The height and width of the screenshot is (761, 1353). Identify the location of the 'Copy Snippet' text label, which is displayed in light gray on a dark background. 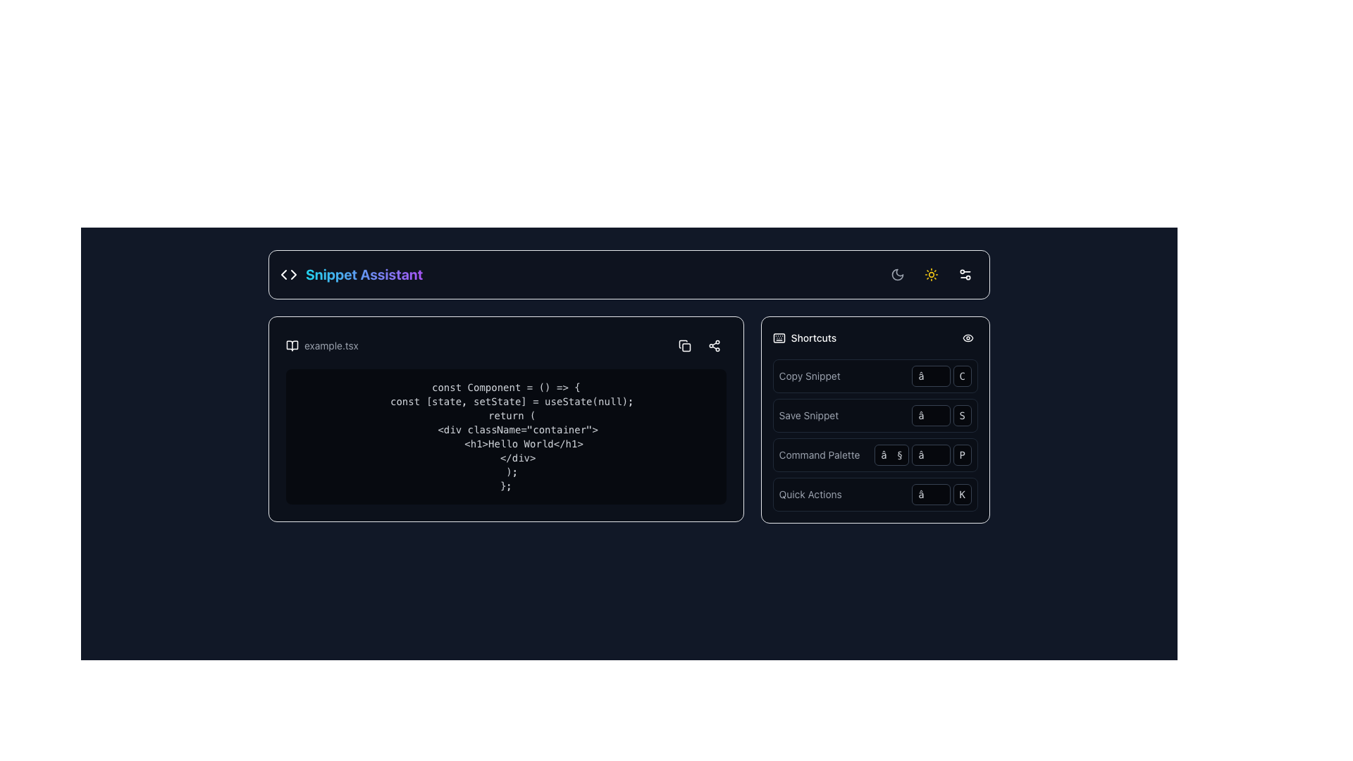
(810, 375).